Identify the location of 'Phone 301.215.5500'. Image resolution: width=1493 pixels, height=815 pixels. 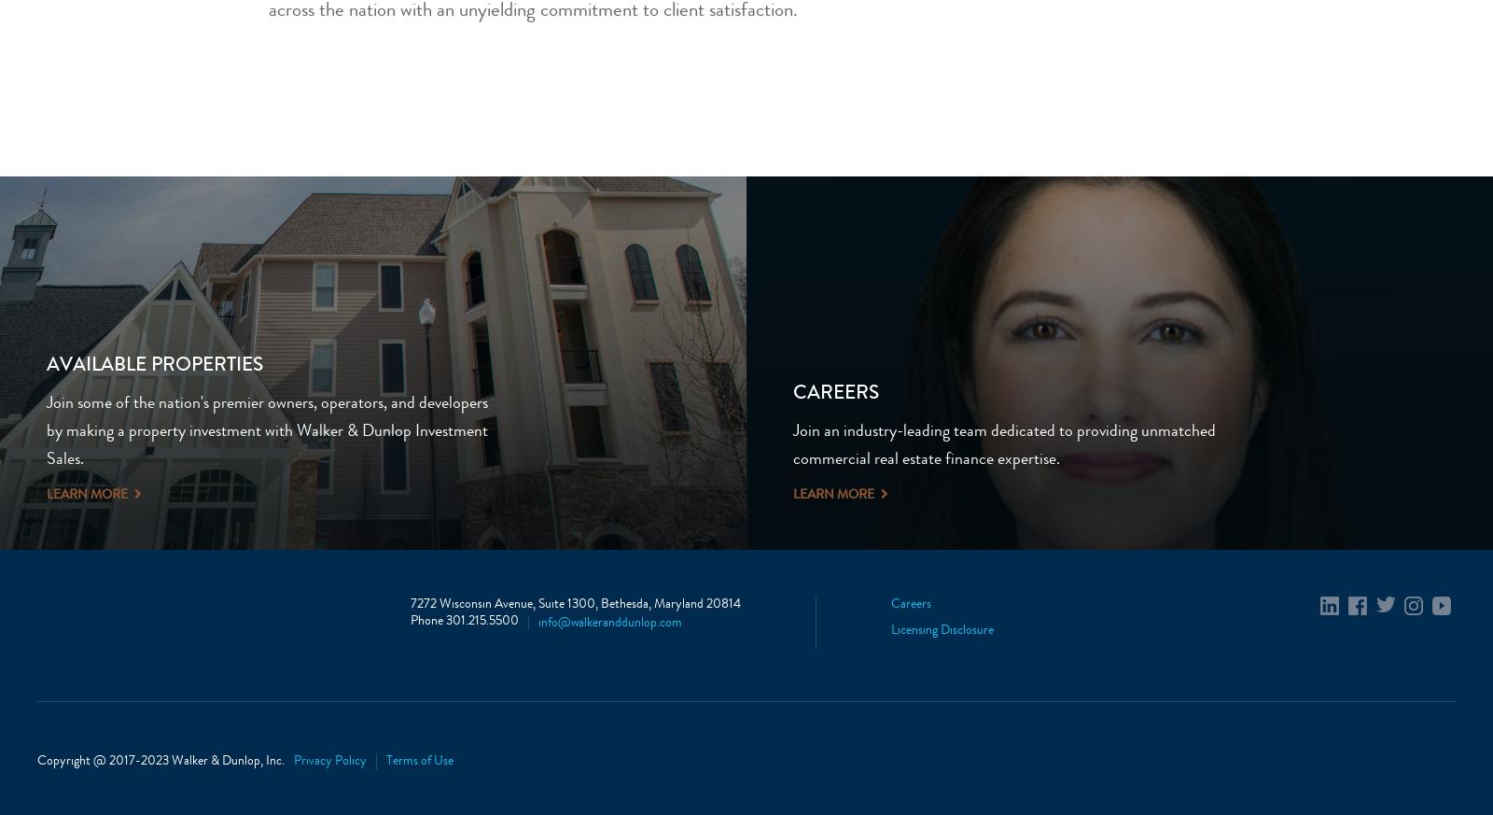
(464, 622).